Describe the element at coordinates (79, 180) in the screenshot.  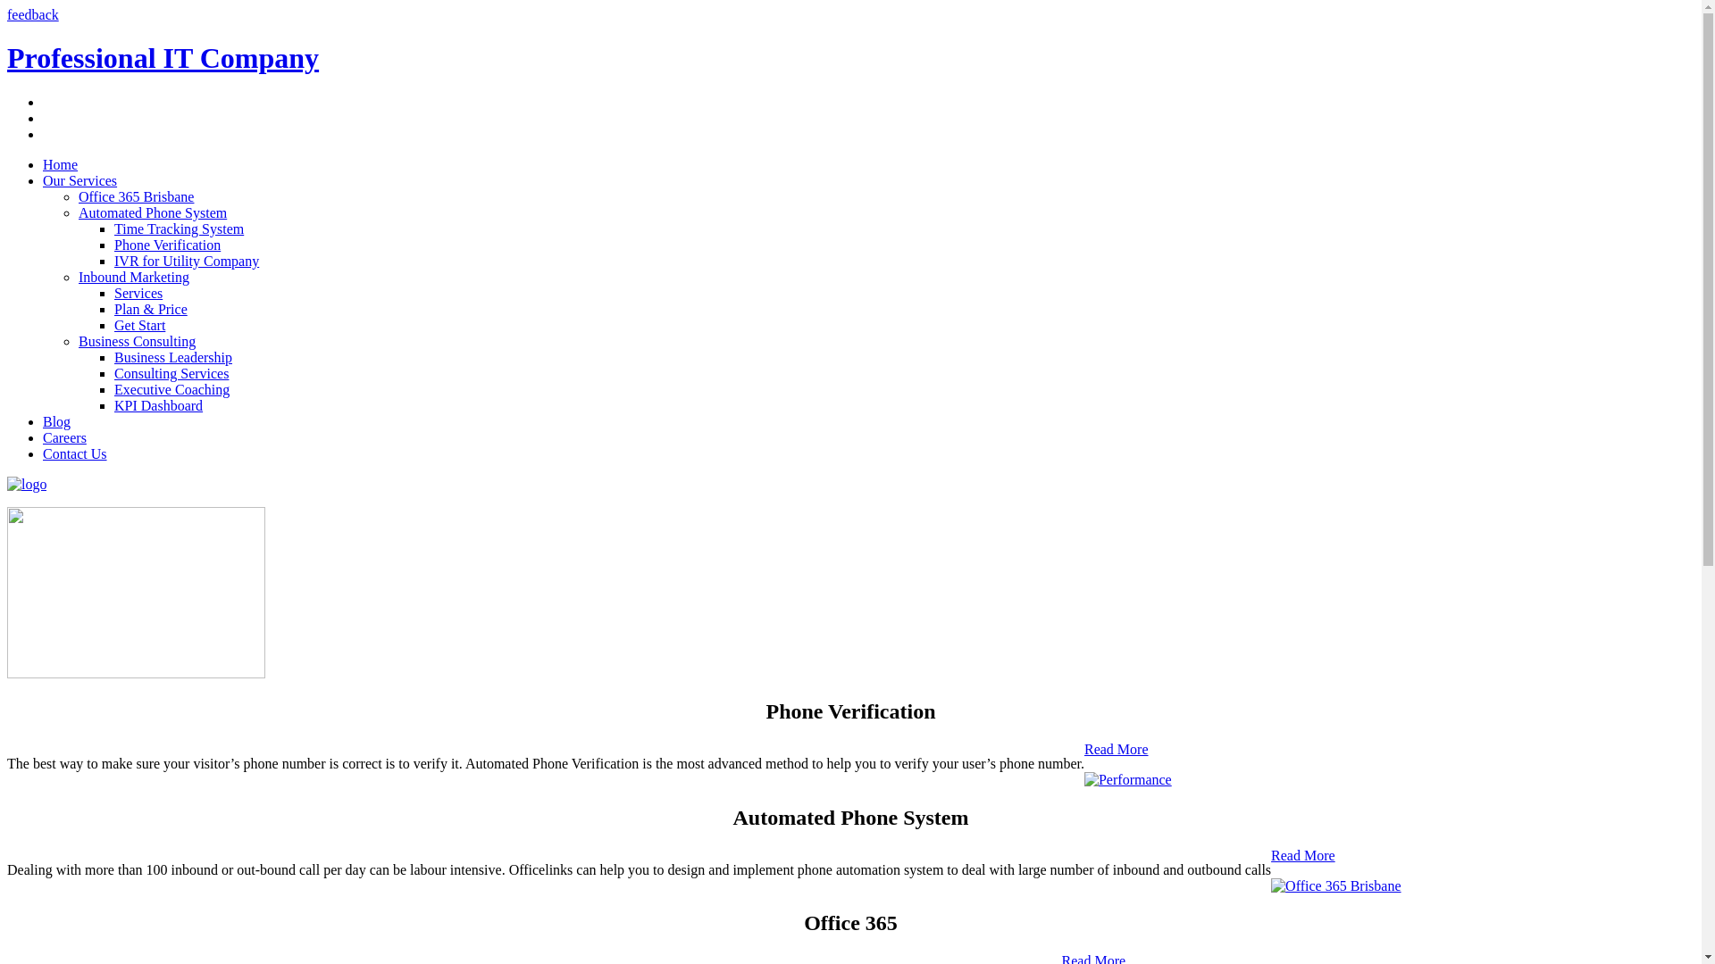
I see `'Our Services'` at that location.